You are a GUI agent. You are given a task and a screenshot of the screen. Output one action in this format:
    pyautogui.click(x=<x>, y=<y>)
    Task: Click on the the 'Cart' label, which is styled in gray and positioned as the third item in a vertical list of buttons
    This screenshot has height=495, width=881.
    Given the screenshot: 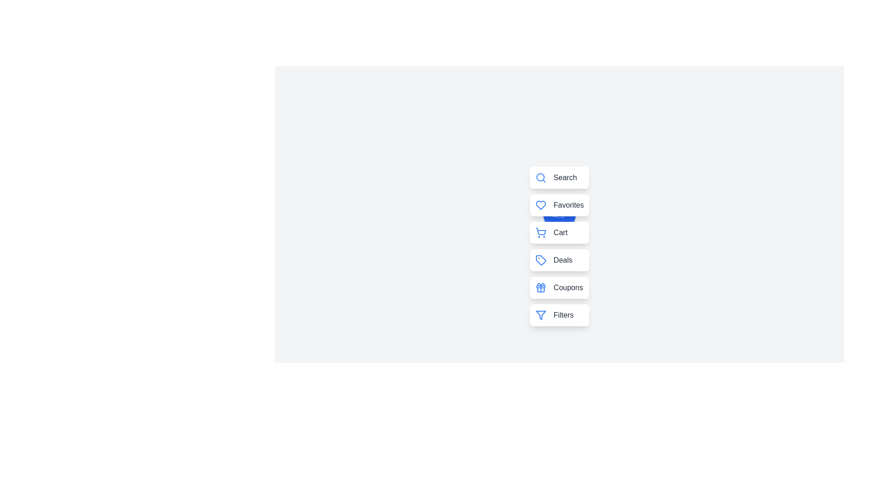 What is the action you would take?
    pyautogui.click(x=560, y=232)
    